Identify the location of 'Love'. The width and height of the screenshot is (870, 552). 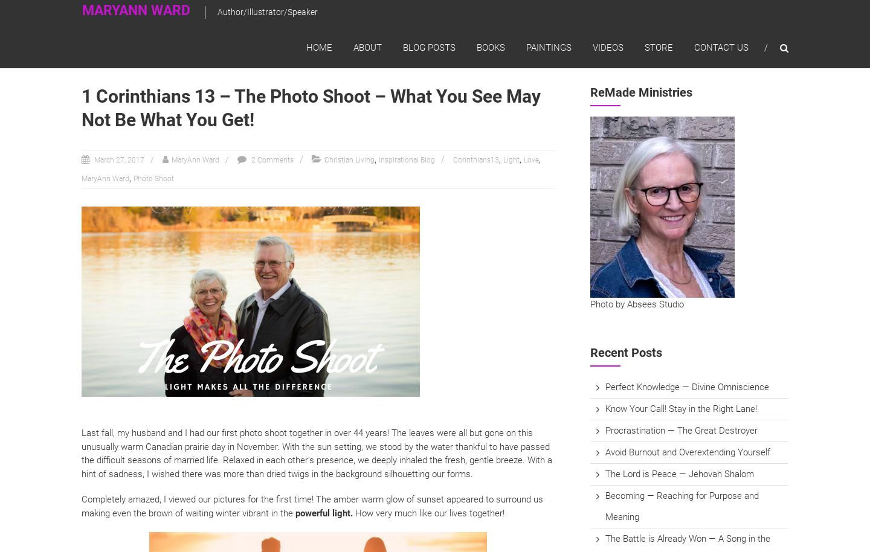
(530, 159).